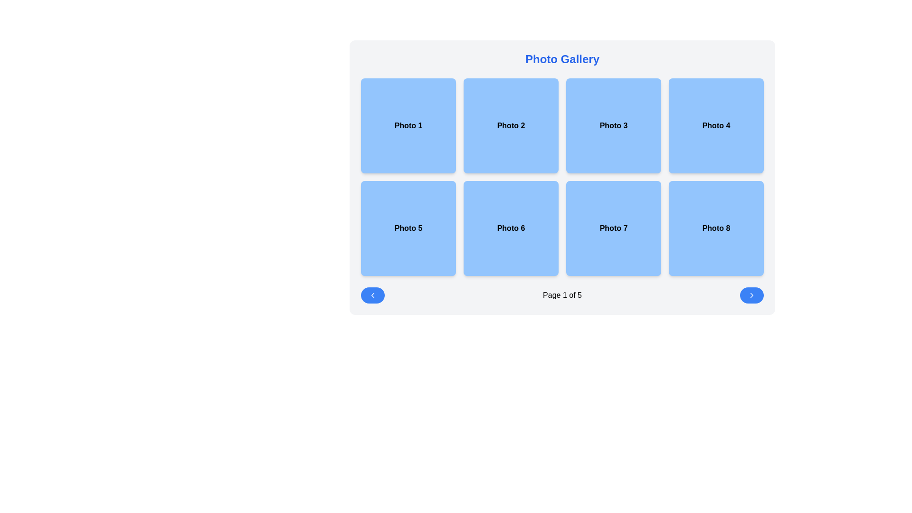 The width and height of the screenshot is (912, 513). I want to click on the blue button labeled 'Photo 3' with rounded edges and centered black bold text, so click(613, 125).